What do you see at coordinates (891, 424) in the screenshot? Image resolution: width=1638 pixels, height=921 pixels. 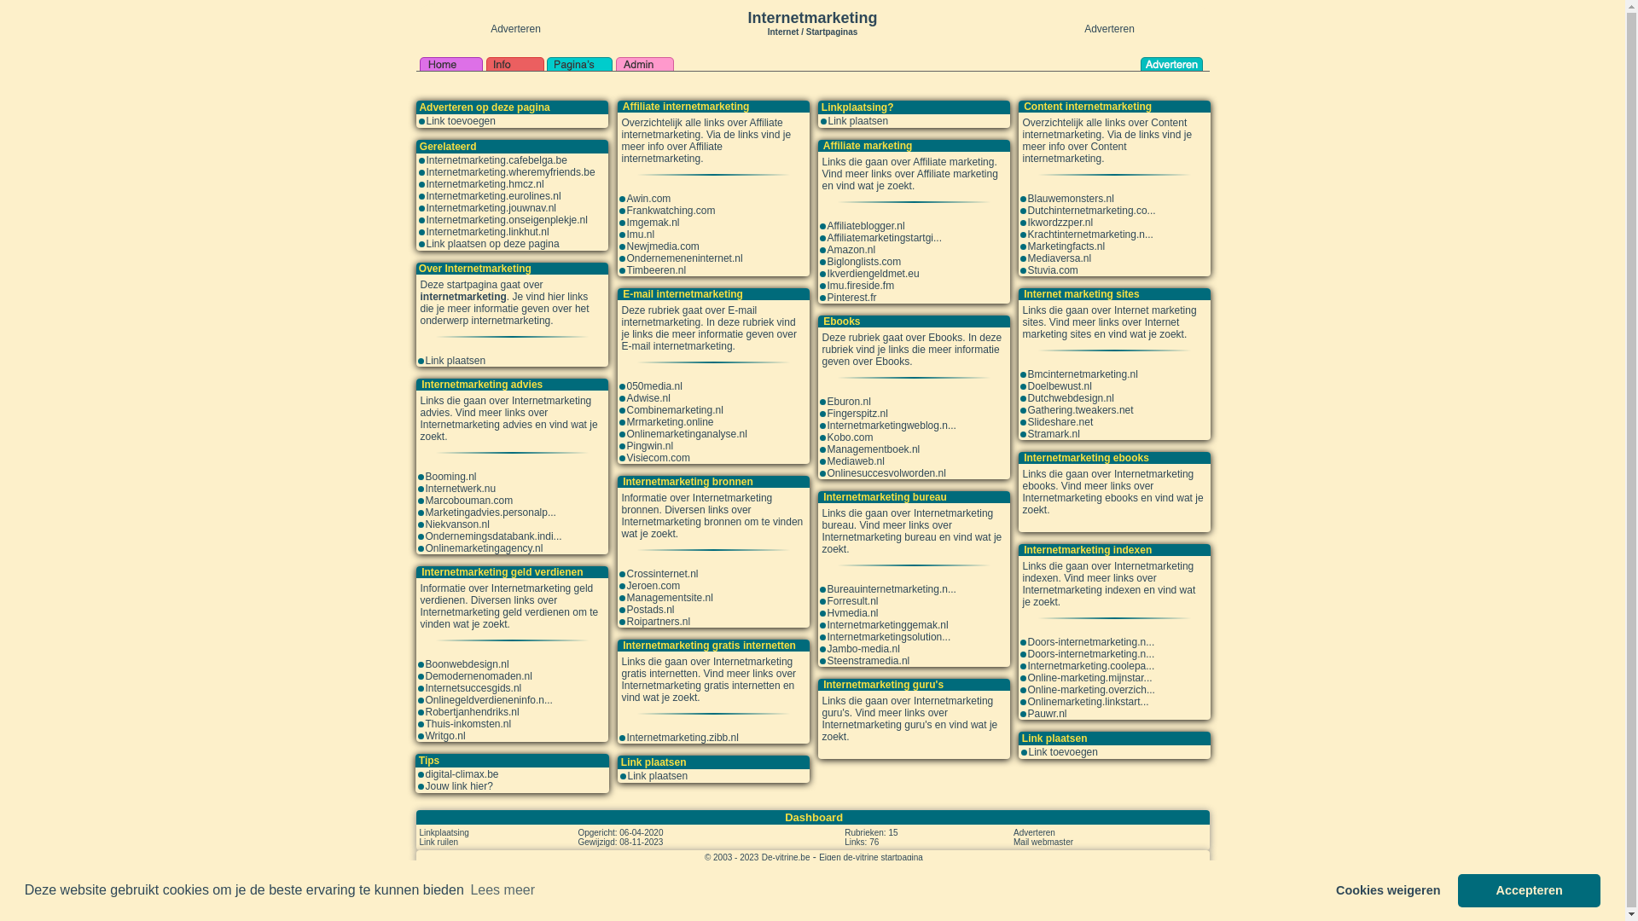 I see `'Internetmarketingweblog.n...'` at bounding box center [891, 424].